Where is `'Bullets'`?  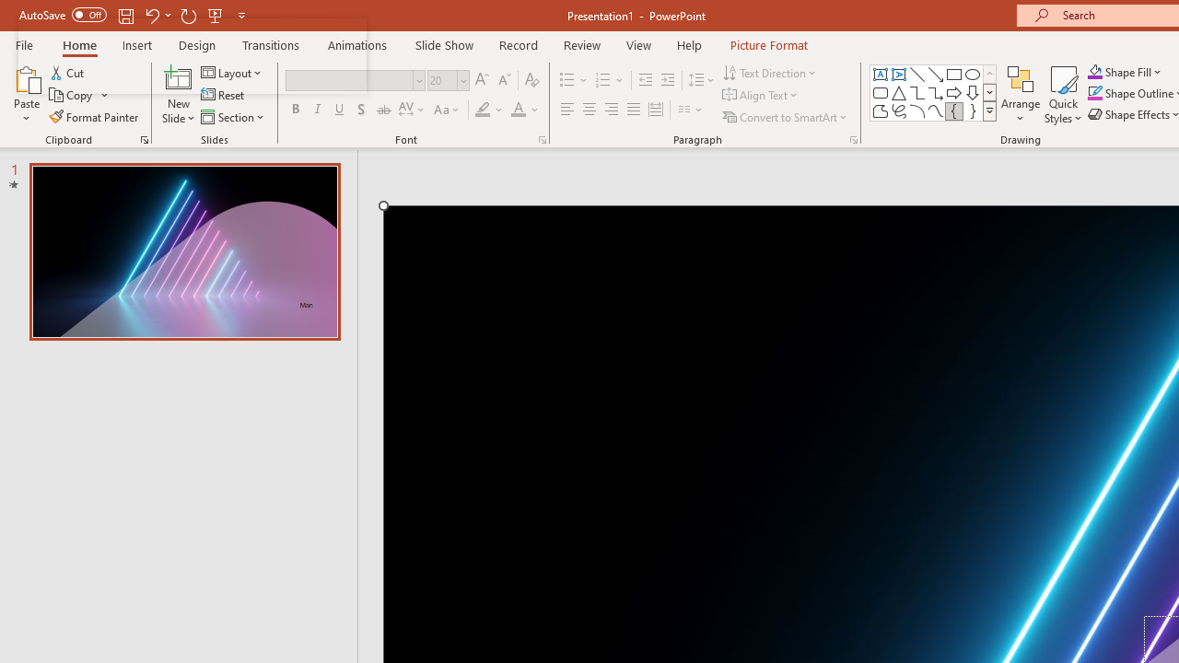
'Bullets' is located at coordinates (566, 79).